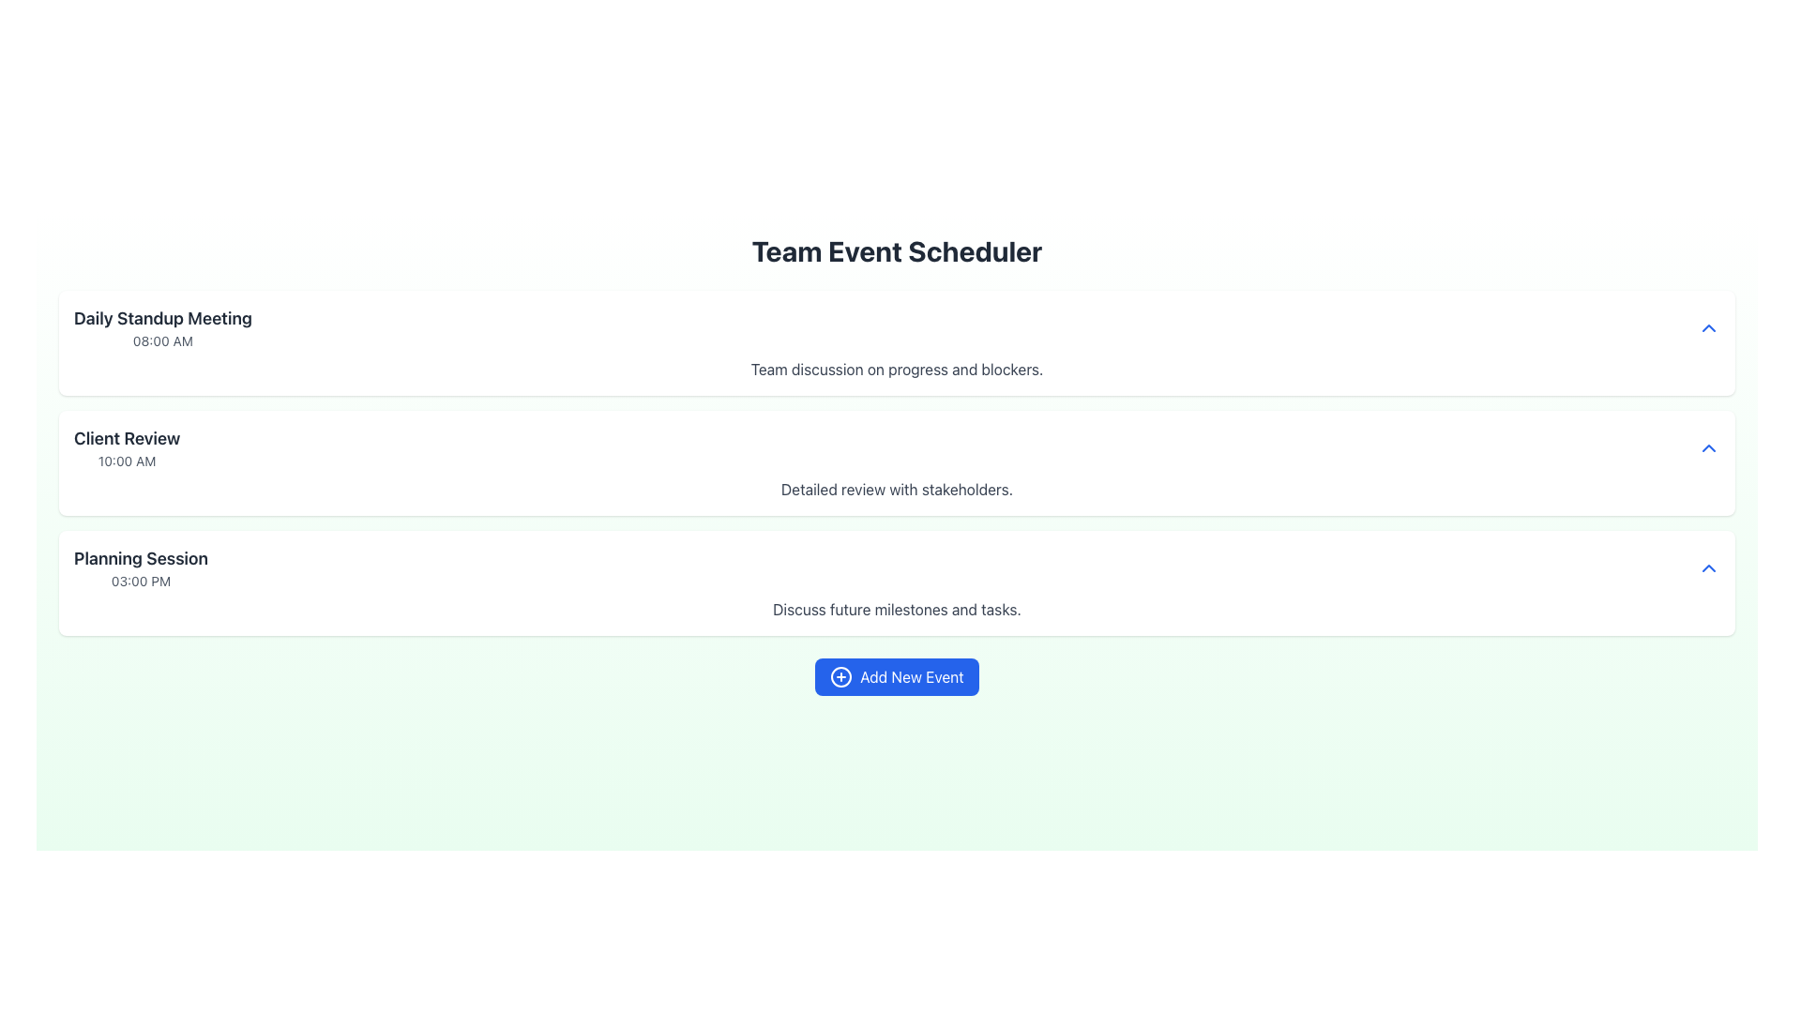 This screenshot has width=1801, height=1013. Describe the element at coordinates (1709, 567) in the screenshot. I see `the upward-facing chevron button styled in blue, located at the rightmost edge of the 'Planning Session' section, to observe the color transition effect indicating interactivity` at that location.